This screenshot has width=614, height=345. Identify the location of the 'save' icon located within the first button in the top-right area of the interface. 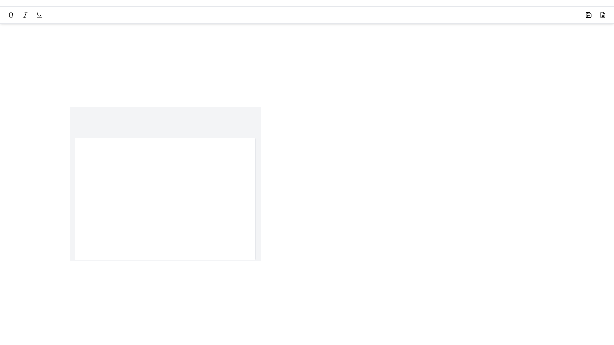
(588, 14).